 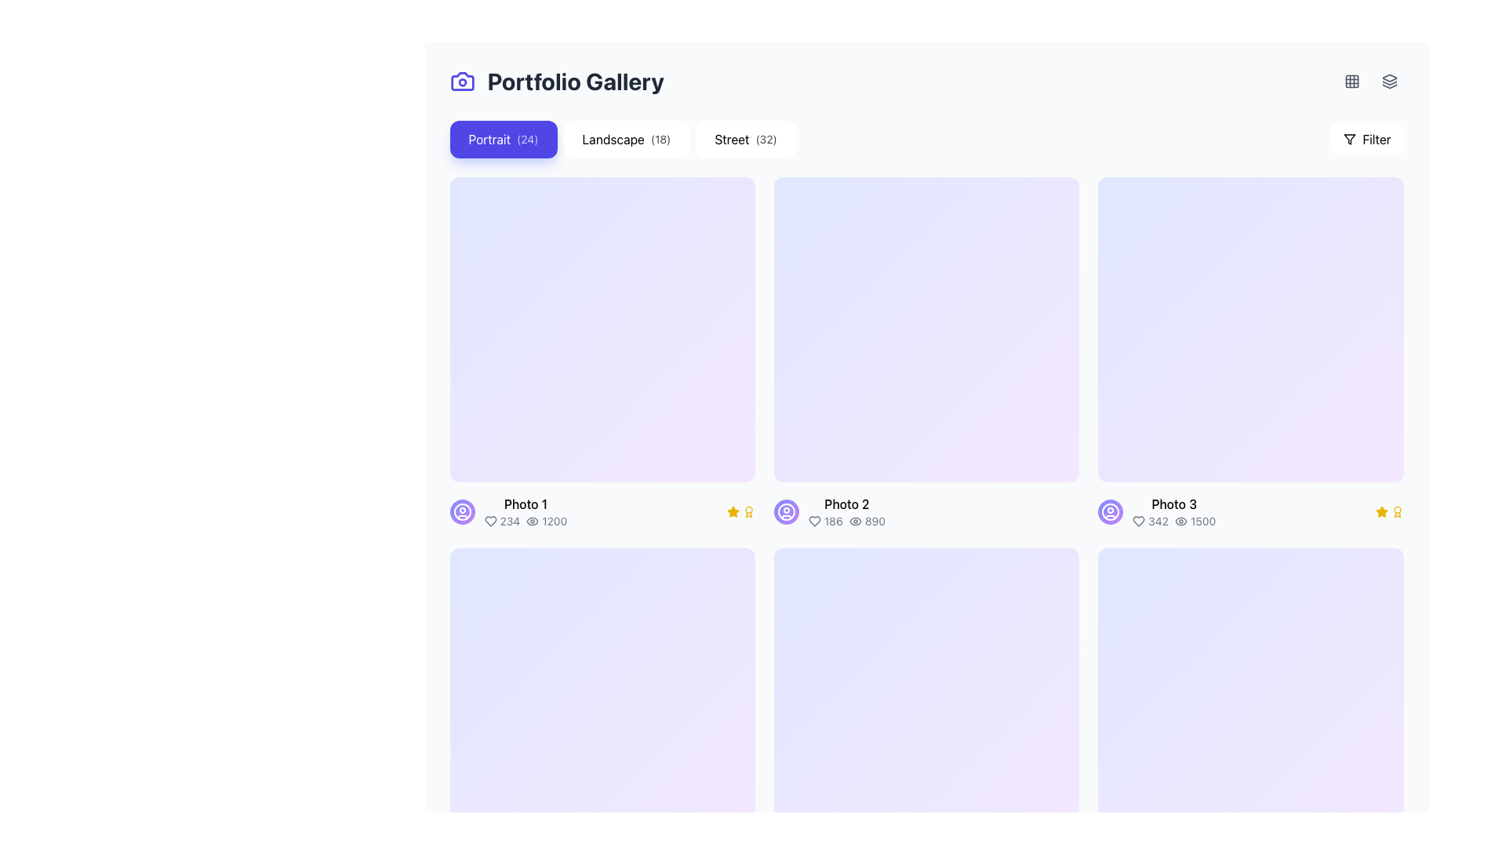 I want to click on the Card element labeled 'Photo 3', so click(x=1250, y=512).